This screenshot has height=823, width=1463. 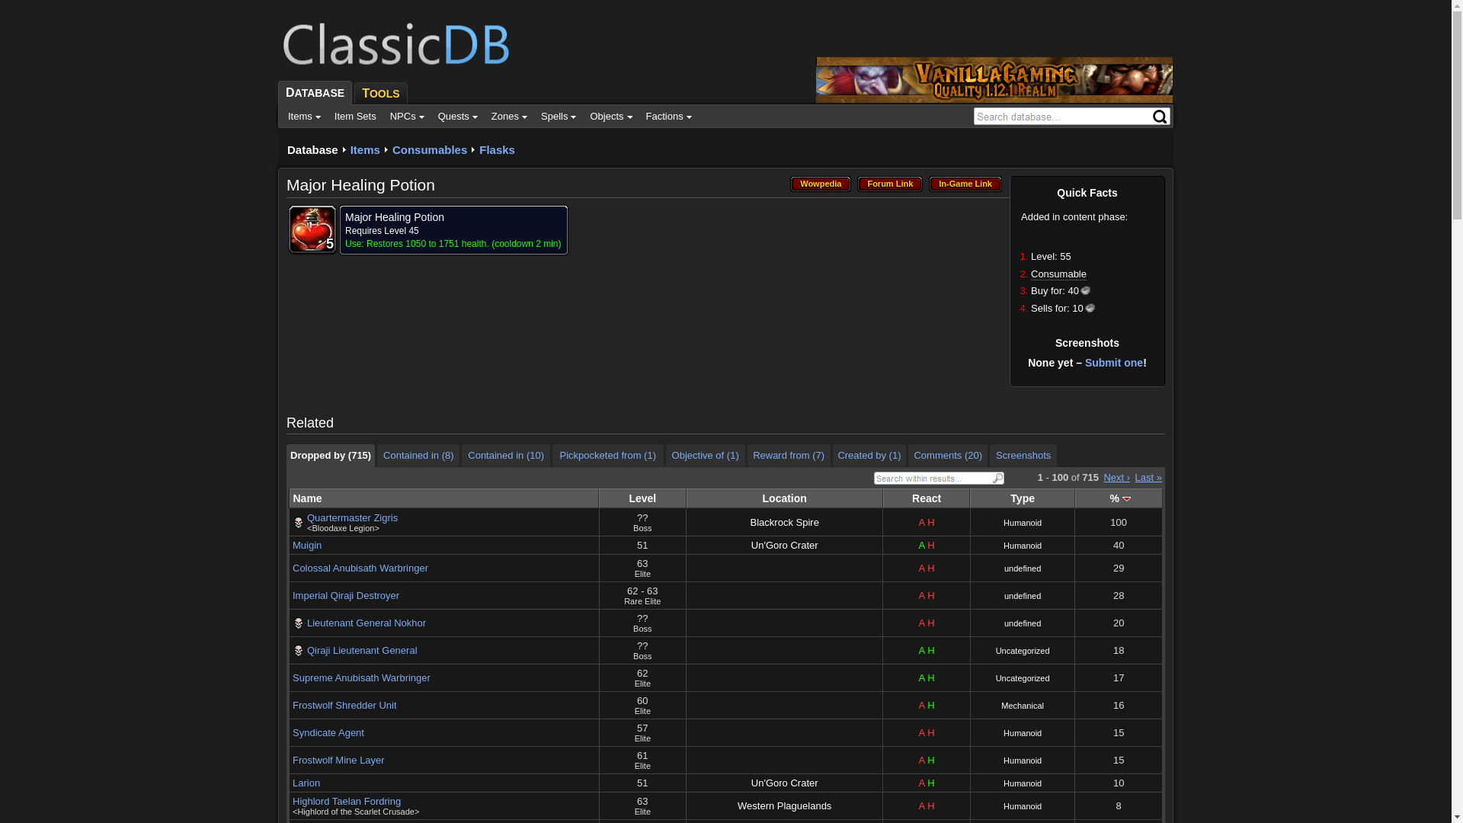 What do you see at coordinates (418, 454) in the screenshot?
I see `'Contained in (8)'` at bounding box center [418, 454].